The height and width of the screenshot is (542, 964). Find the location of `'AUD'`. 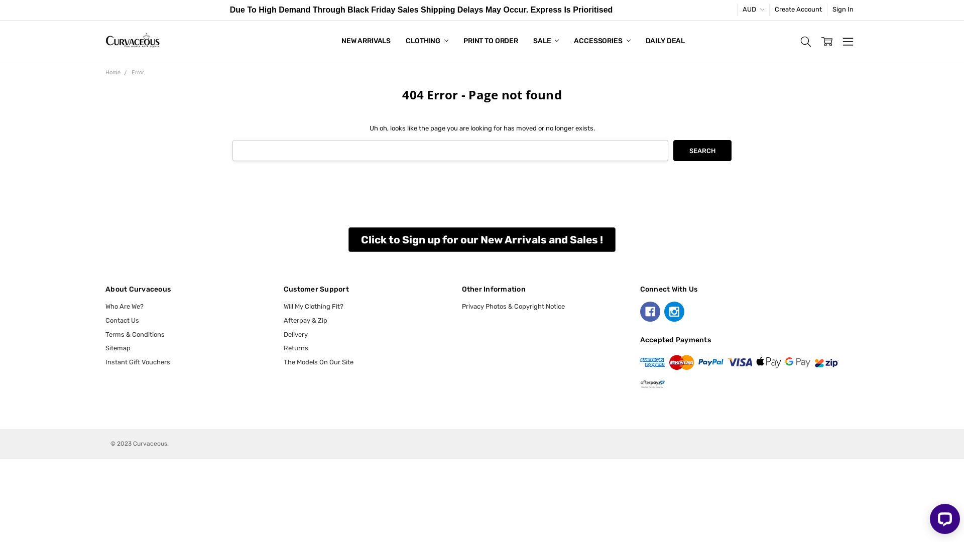

'AUD' is located at coordinates (737, 10).